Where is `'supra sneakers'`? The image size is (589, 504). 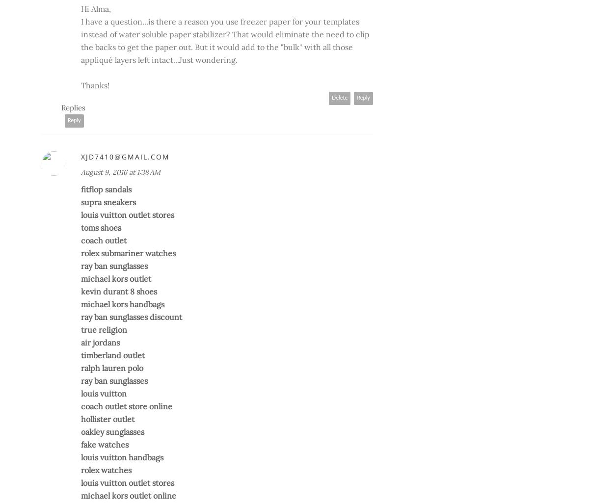
'supra sneakers' is located at coordinates (108, 202).